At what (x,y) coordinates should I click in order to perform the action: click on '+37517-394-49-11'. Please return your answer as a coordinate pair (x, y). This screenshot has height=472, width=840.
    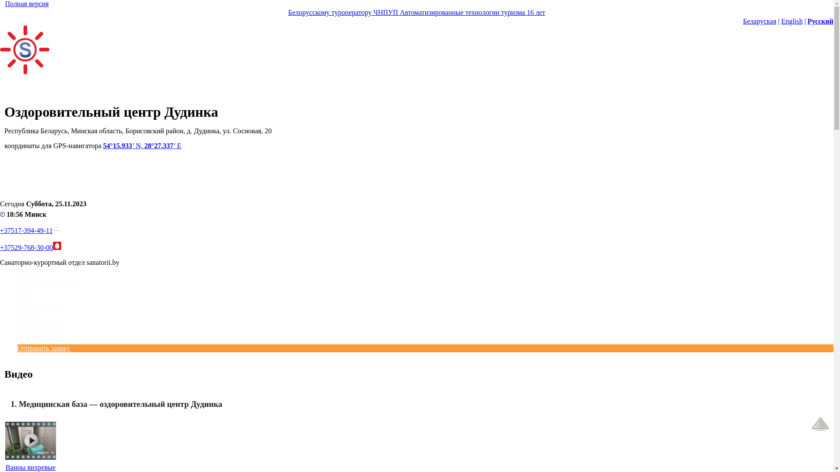
    Looking at the image, I should click on (0, 230).